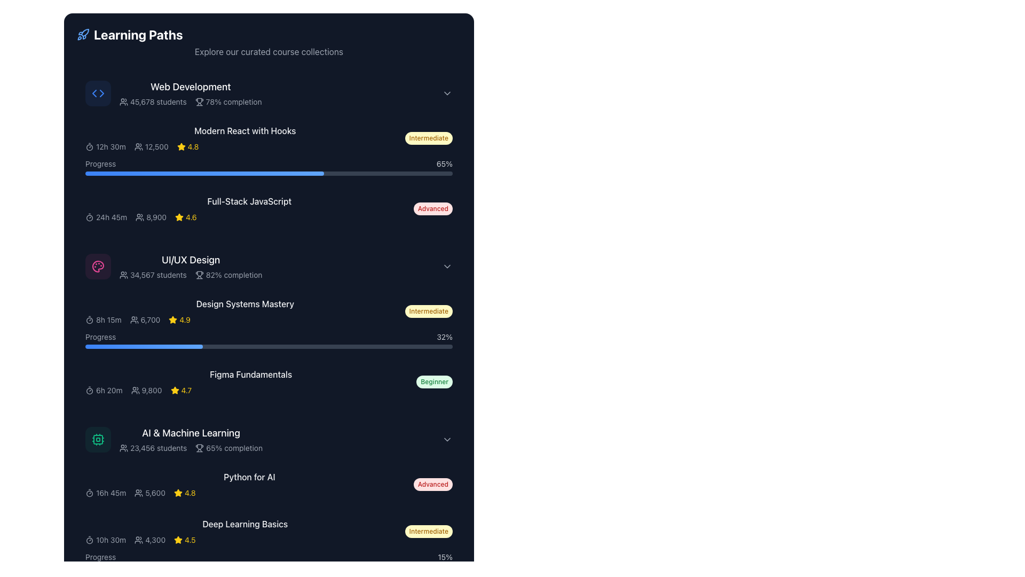 This screenshot has height=577, width=1025. Describe the element at coordinates (269, 484) in the screenshot. I see `the badge in the first course listing entry under the 'AI & Machine Learning' section for more information about difficulty levels` at that location.